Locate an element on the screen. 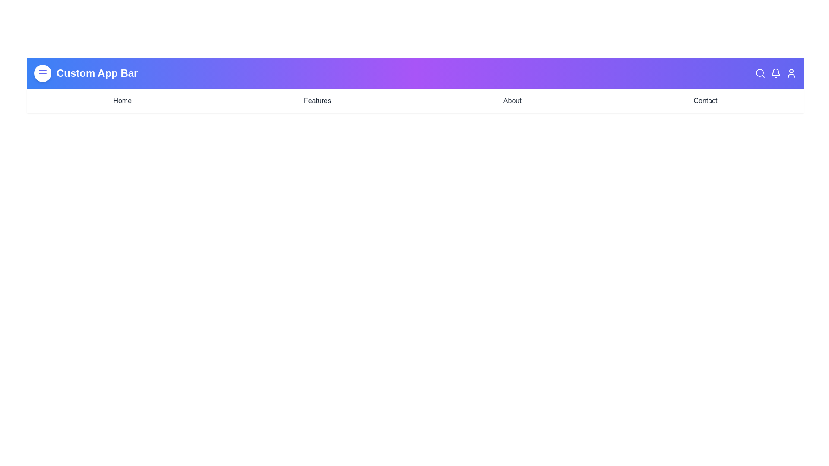 Image resolution: width=829 pixels, height=466 pixels. the user profile icon to access the profile is located at coordinates (791, 72).